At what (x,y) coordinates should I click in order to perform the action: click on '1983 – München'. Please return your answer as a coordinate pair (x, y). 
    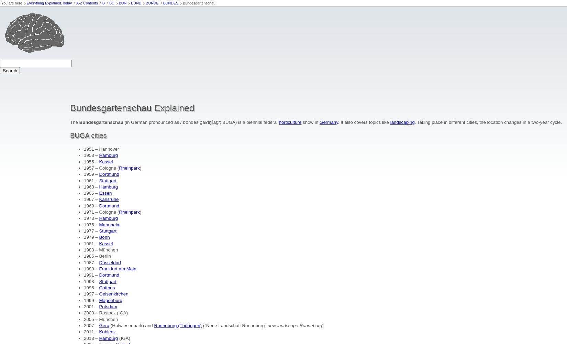
    Looking at the image, I should click on (101, 249).